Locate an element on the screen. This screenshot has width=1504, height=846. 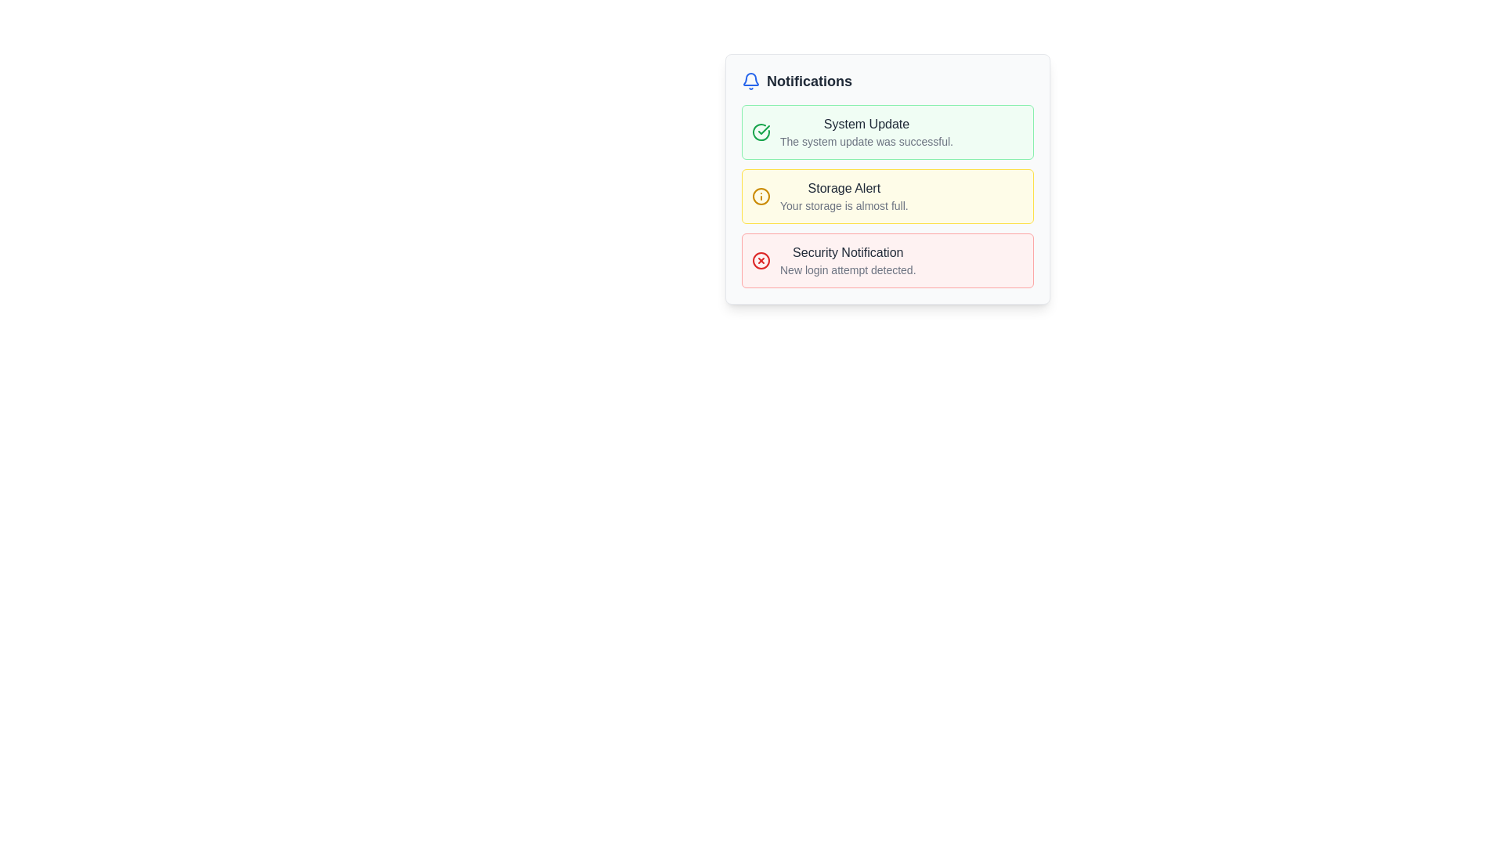
the 'Security Notification' text label within the notification panel is located at coordinates (847, 259).